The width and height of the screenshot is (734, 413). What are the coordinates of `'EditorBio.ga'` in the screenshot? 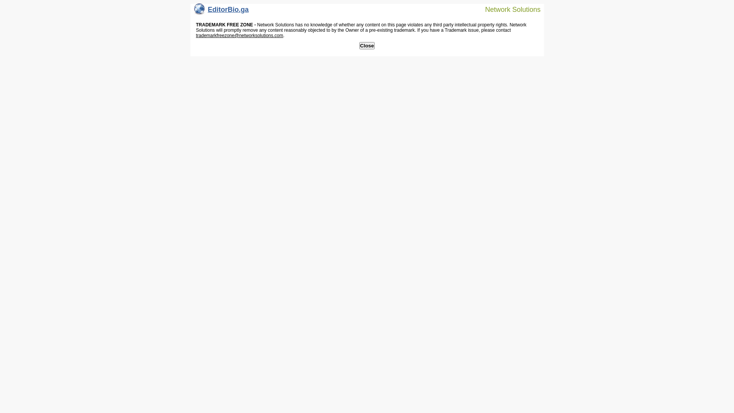 It's located at (194, 11).